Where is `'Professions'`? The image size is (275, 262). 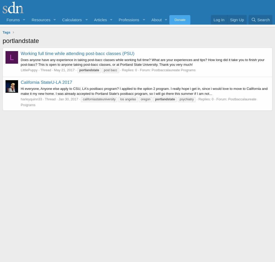 'Professions' is located at coordinates (129, 19).